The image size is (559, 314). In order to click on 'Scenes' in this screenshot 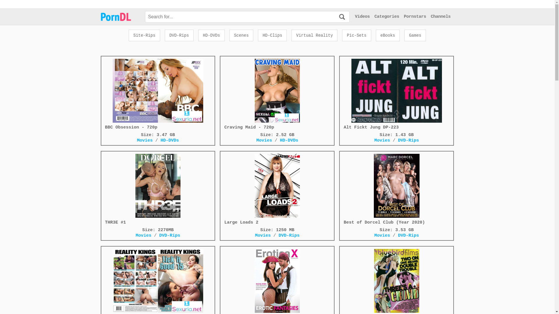, I will do `click(241, 35)`.